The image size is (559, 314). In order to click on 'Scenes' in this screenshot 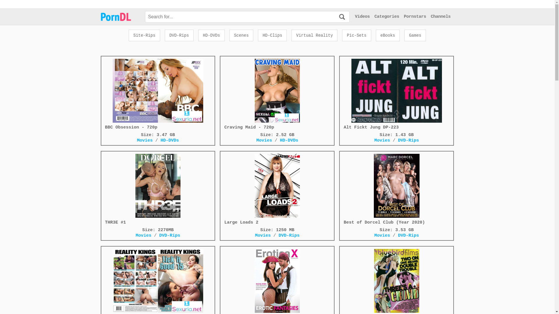, I will do `click(241, 35)`.